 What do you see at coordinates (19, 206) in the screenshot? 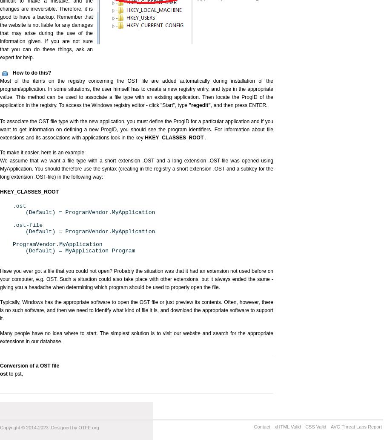
I see `'.ost'` at bounding box center [19, 206].